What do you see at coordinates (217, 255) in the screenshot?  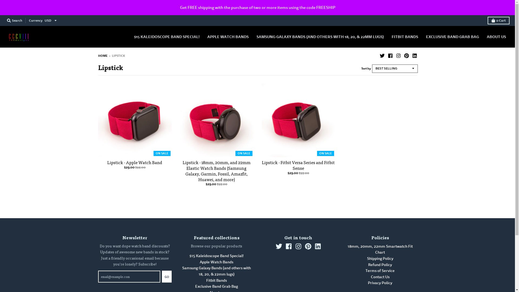 I see `'$15 Kaleidoscope Band Special!'` at bounding box center [217, 255].